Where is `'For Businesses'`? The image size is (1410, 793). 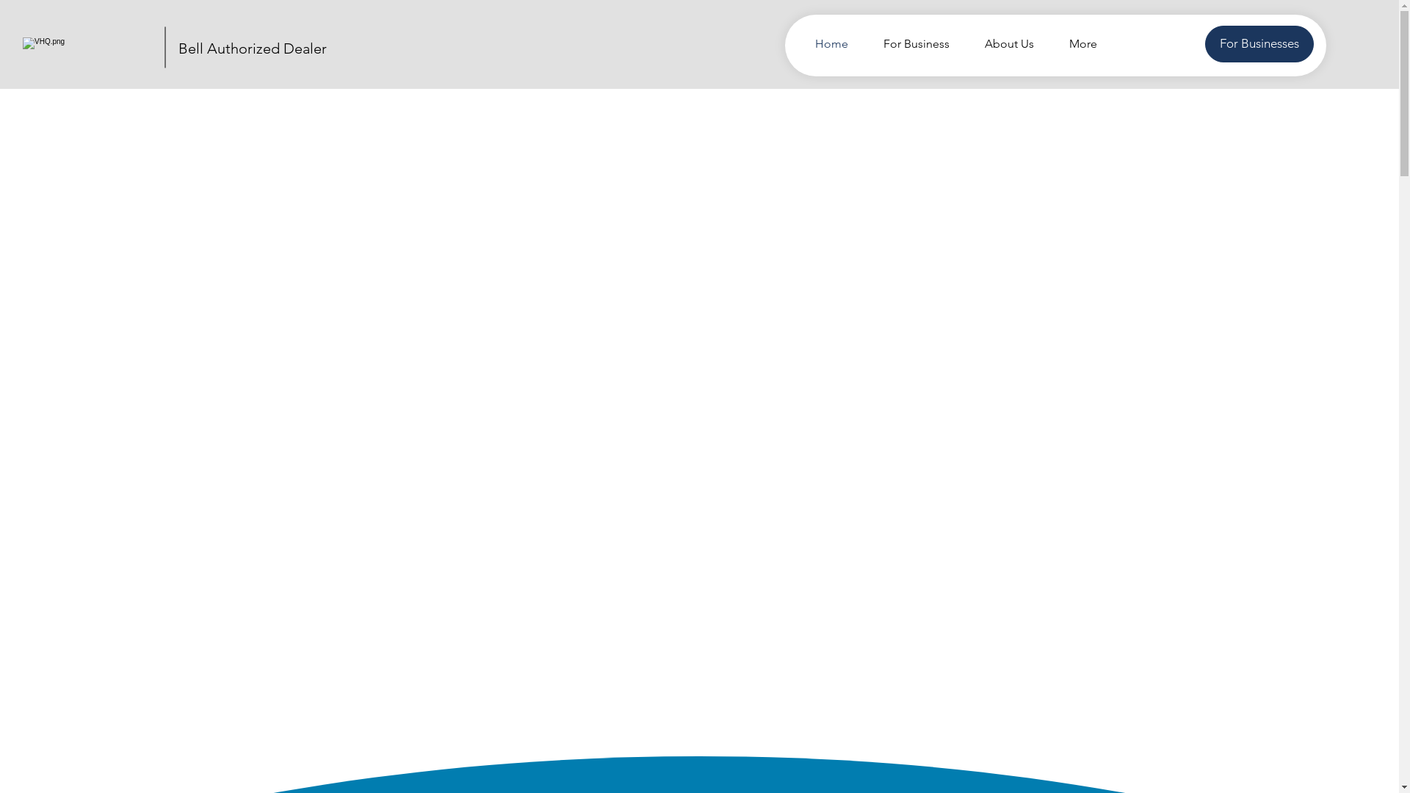
'For Businesses' is located at coordinates (1205, 43).